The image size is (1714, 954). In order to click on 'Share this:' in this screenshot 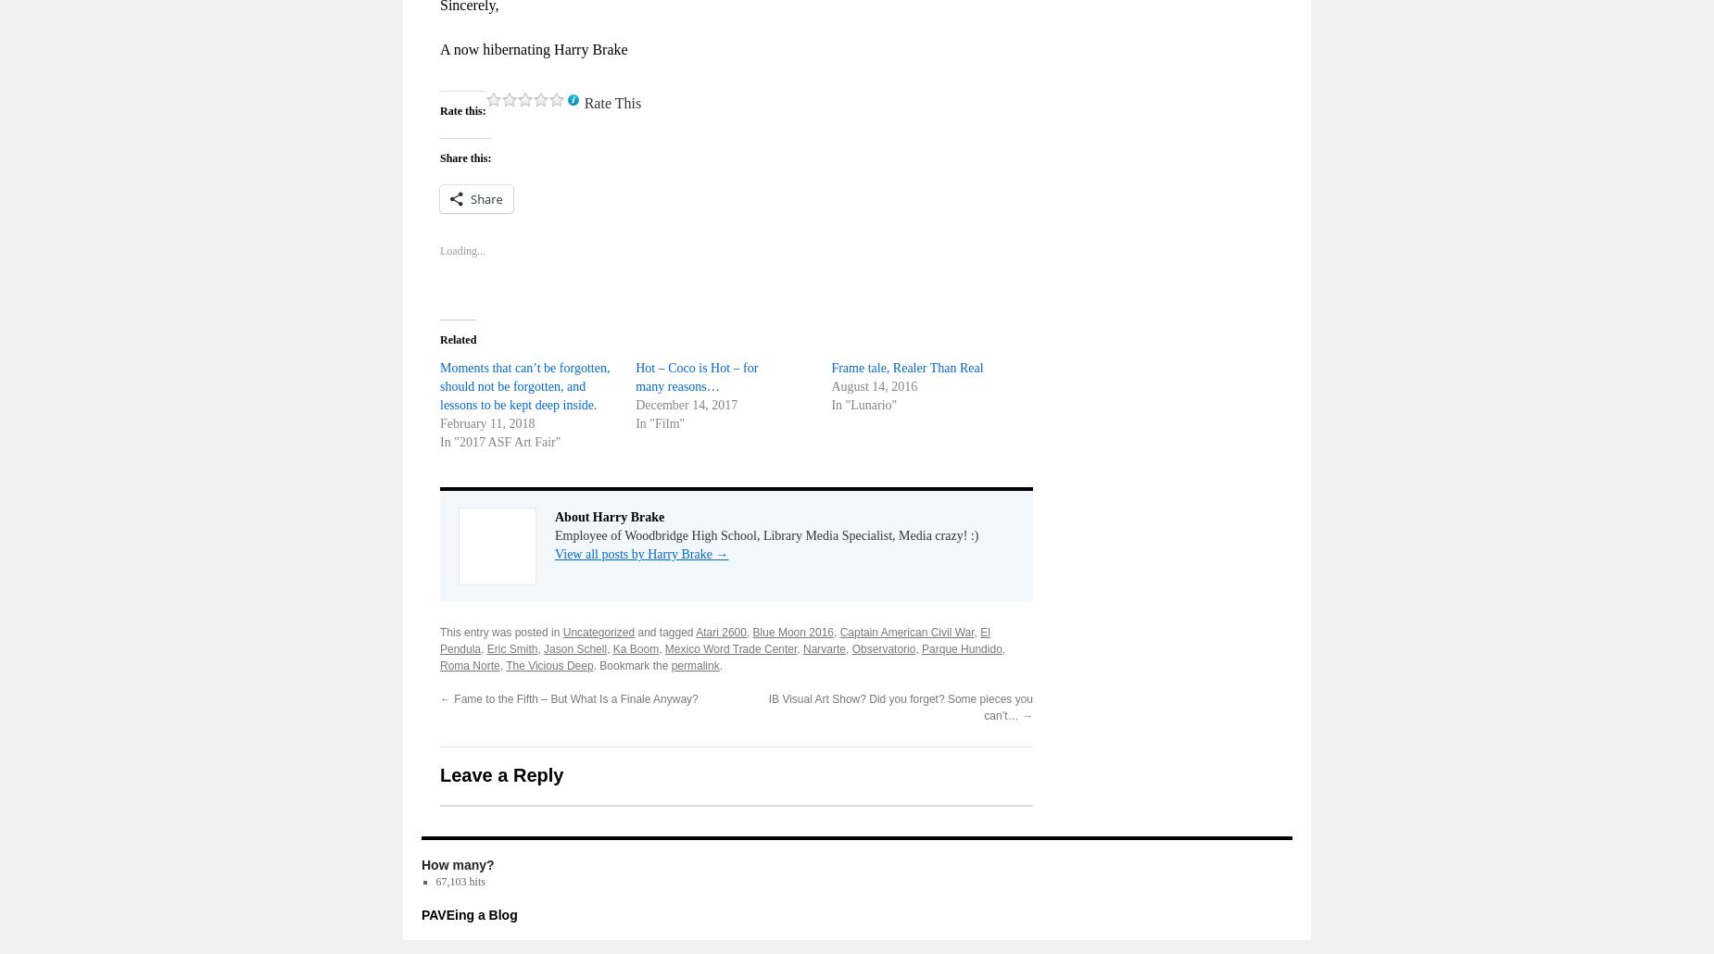, I will do `click(465, 156)`.